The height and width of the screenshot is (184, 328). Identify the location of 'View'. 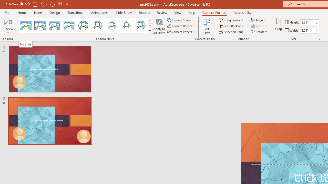
(178, 12).